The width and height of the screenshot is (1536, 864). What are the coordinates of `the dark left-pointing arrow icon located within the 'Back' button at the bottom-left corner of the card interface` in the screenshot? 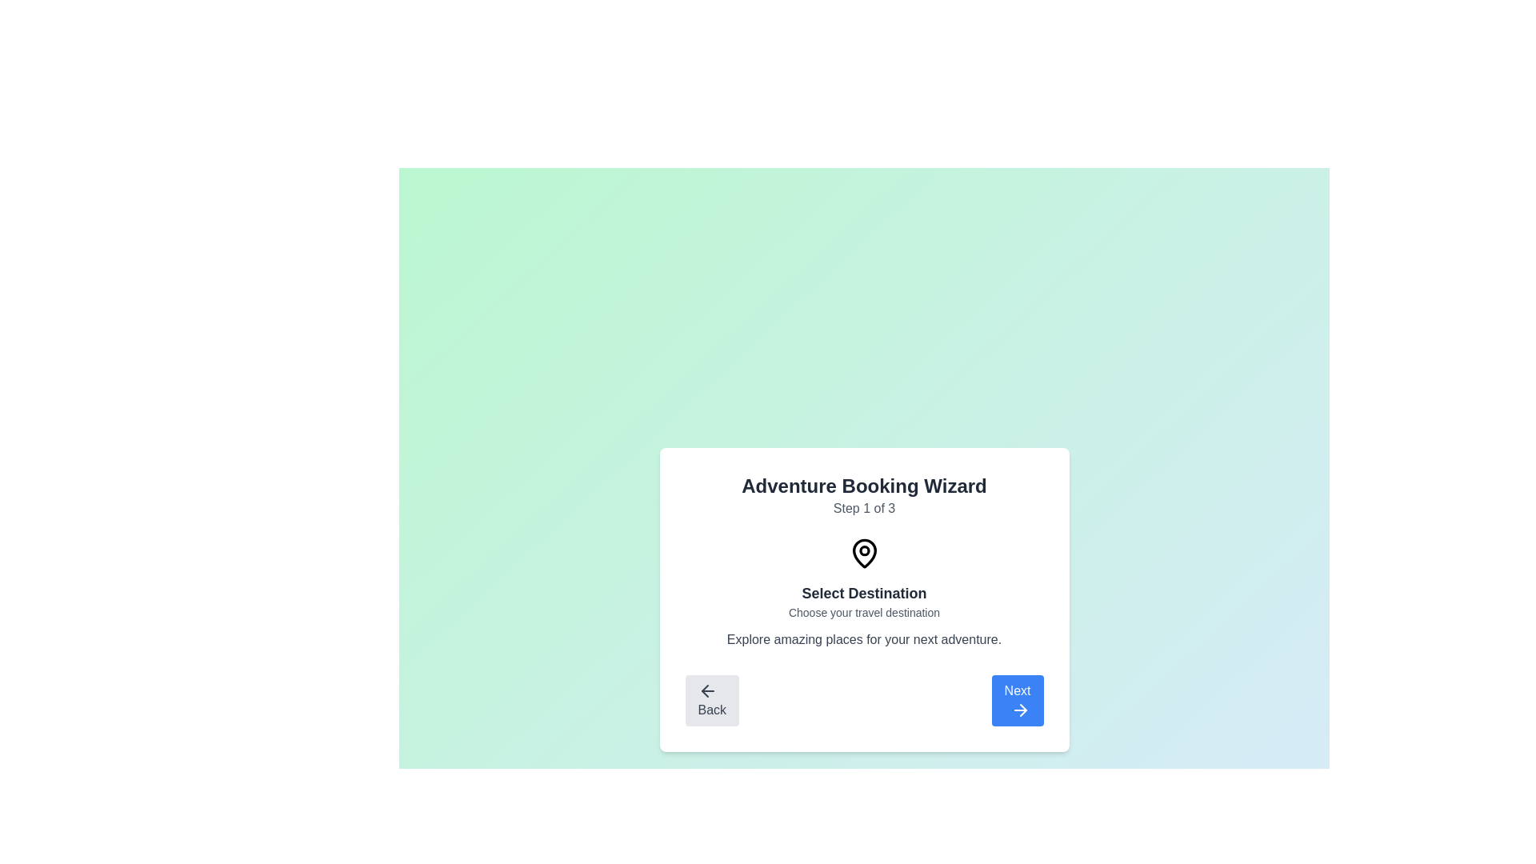 It's located at (706, 690).